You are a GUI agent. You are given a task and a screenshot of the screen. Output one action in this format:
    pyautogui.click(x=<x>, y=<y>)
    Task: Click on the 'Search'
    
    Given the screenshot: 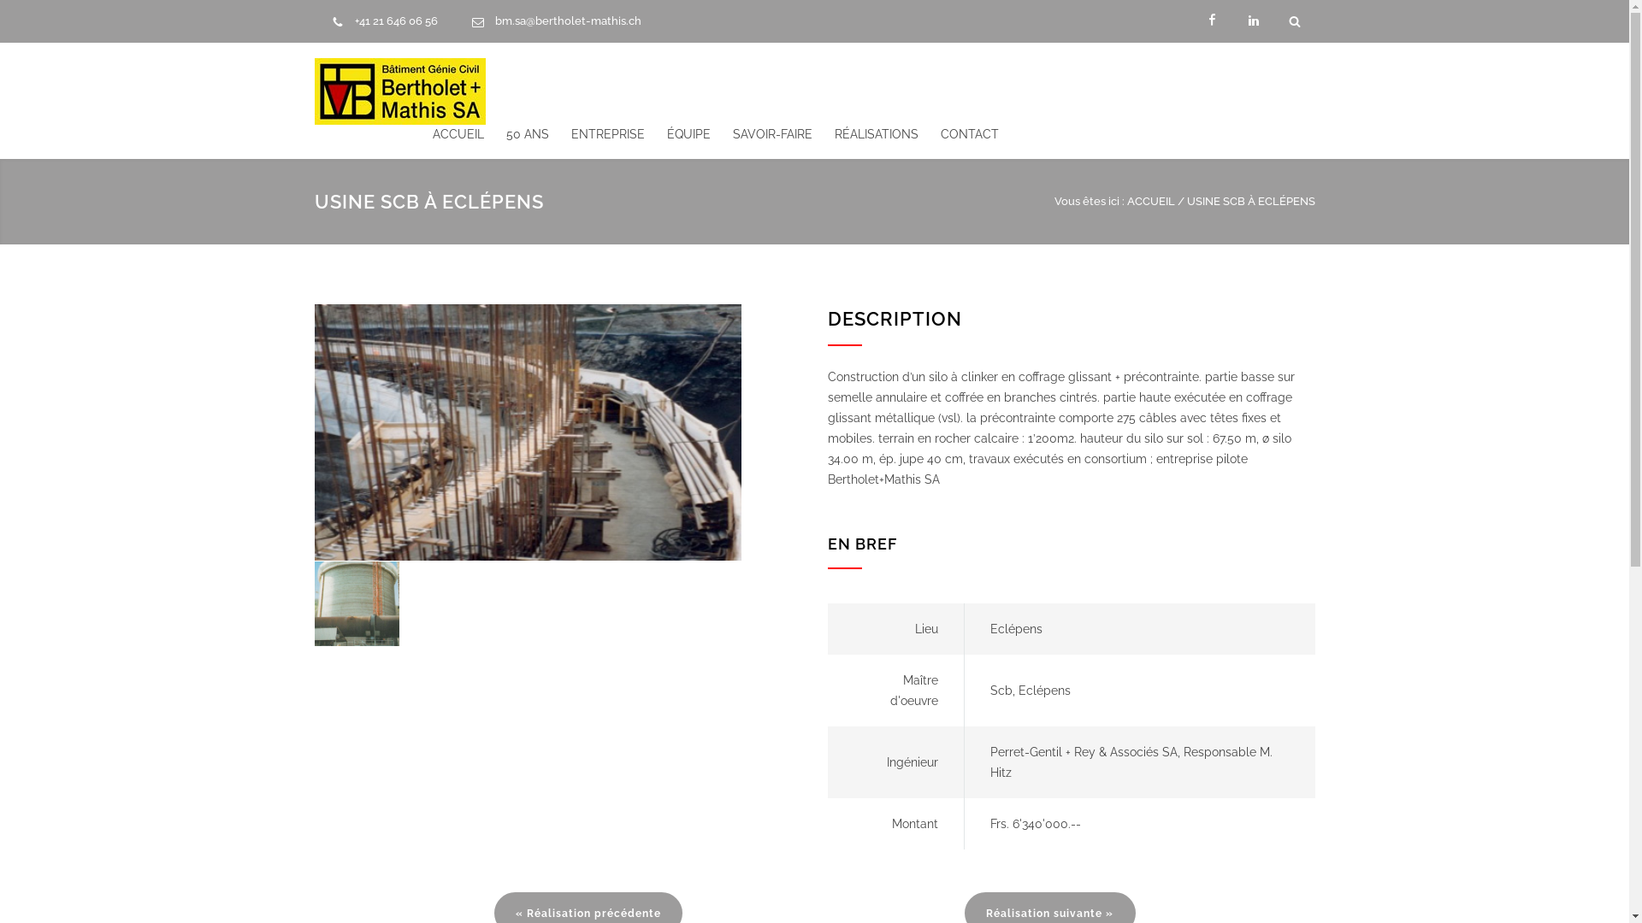 What is the action you would take?
    pyautogui.click(x=1294, y=21)
    